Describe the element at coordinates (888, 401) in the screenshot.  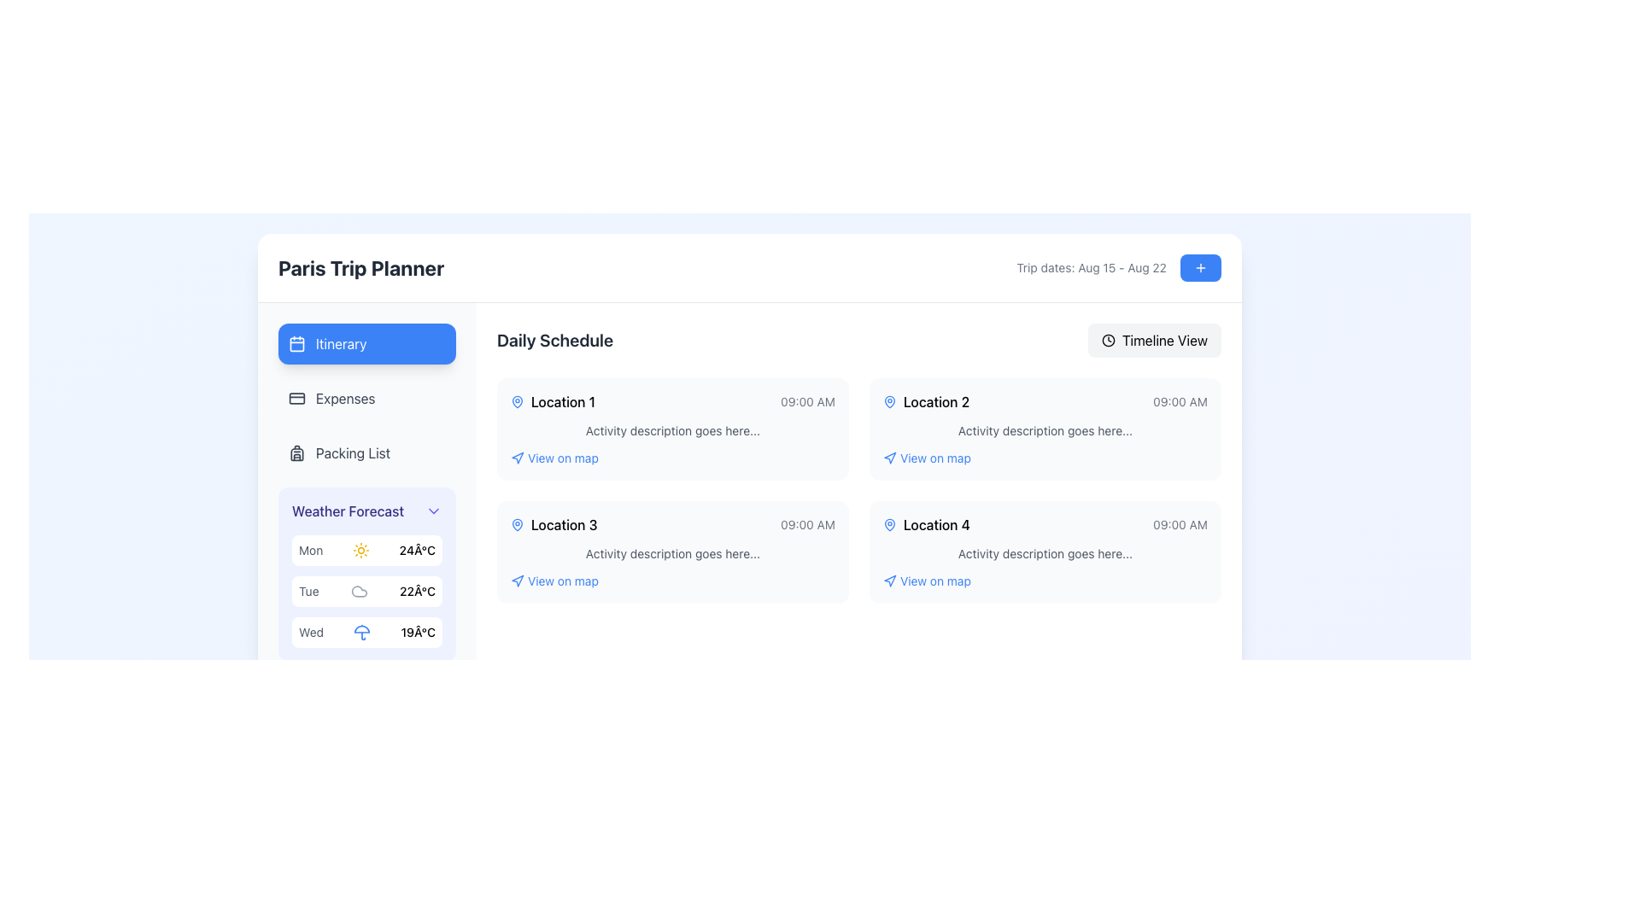
I see `the blue map pin icon associated with 'Location 2' in the 'Daily Schedule' section` at that location.